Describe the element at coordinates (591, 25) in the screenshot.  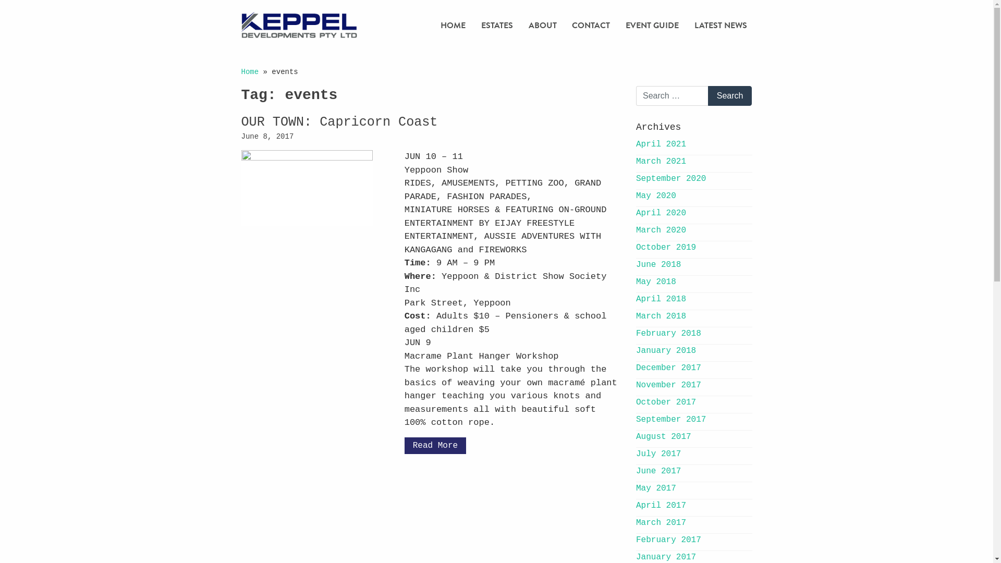
I see `'CONTACT'` at that location.